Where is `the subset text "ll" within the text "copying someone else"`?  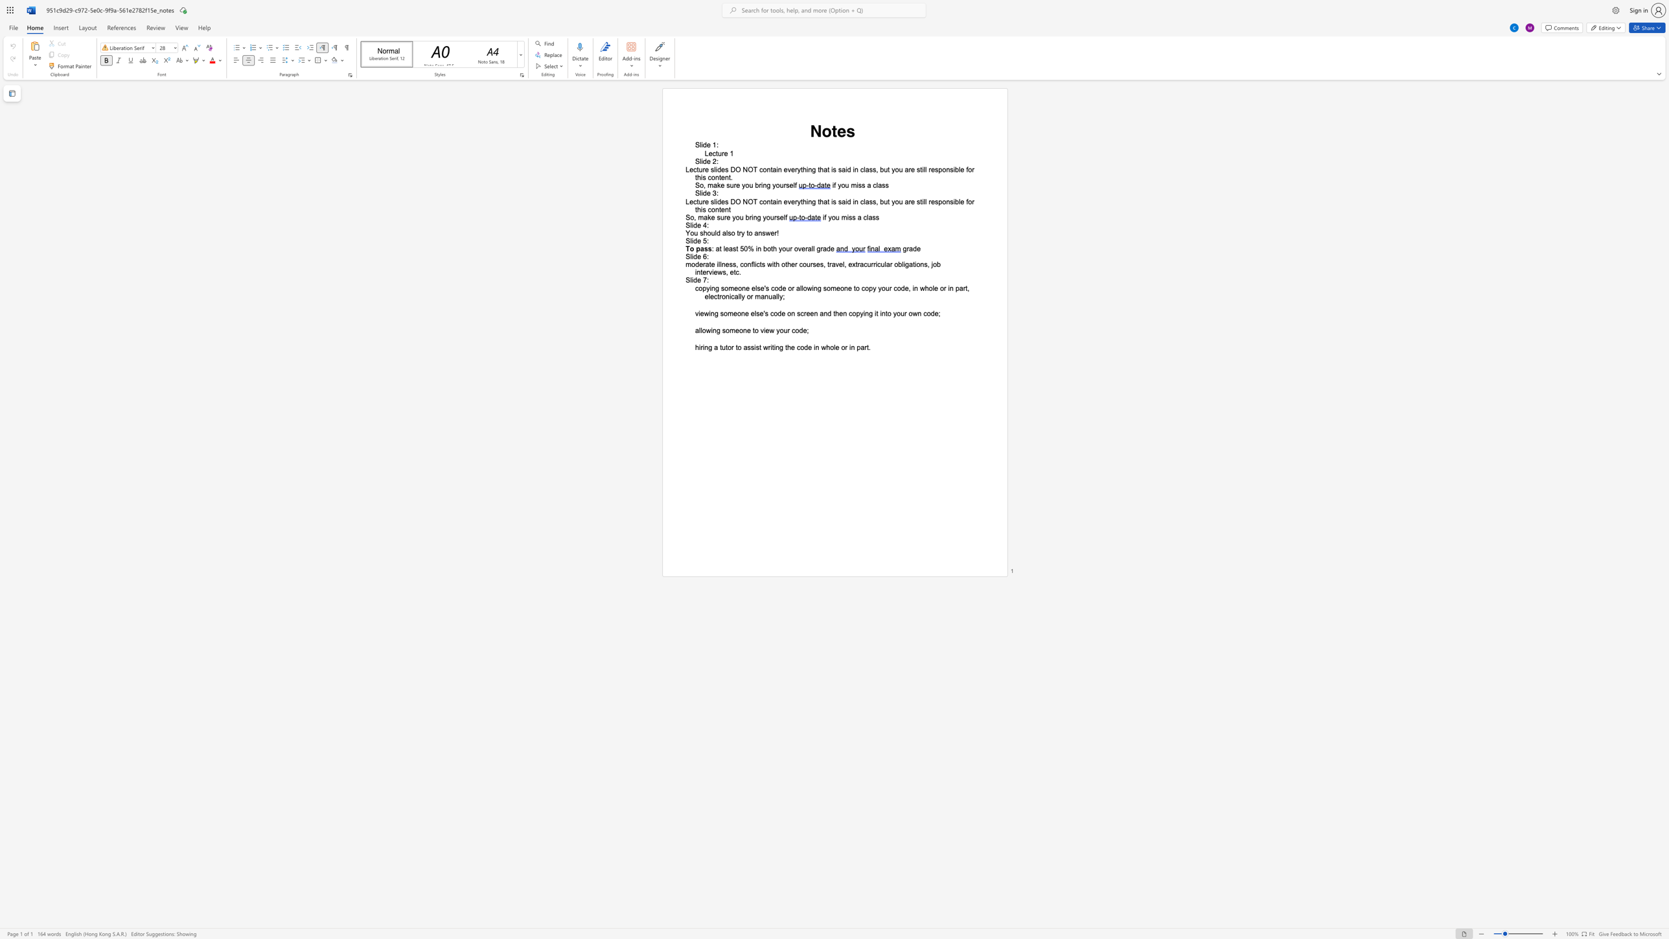 the subset text "ll" within the text "copying someone else" is located at coordinates (776, 296).